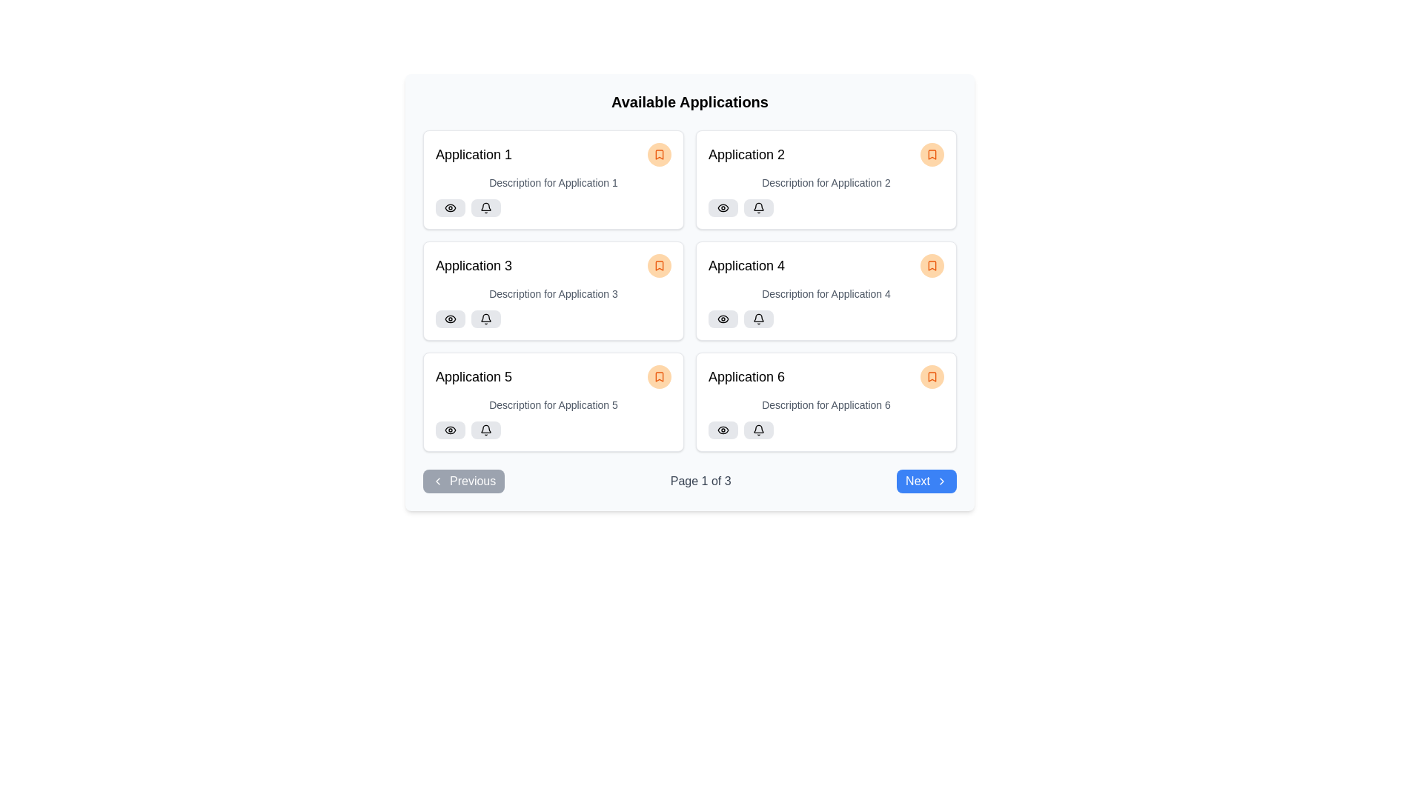 This screenshot has width=1423, height=800. I want to click on the bell icon located centrally in the sixth section of the grid layout under 'Application 5', so click(486, 429).